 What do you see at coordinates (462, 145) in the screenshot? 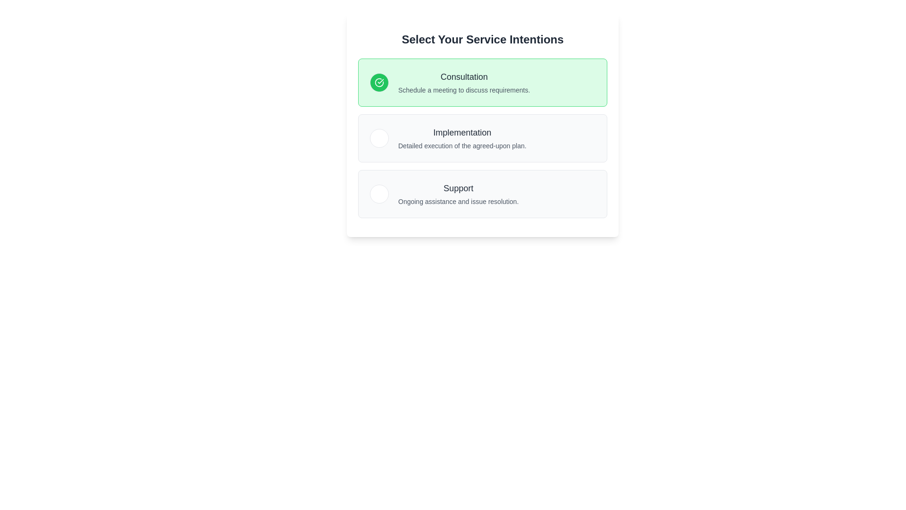
I see `the static text label component located in the 'Implementation' section below the heading 'Implementation'` at bounding box center [462, 145].